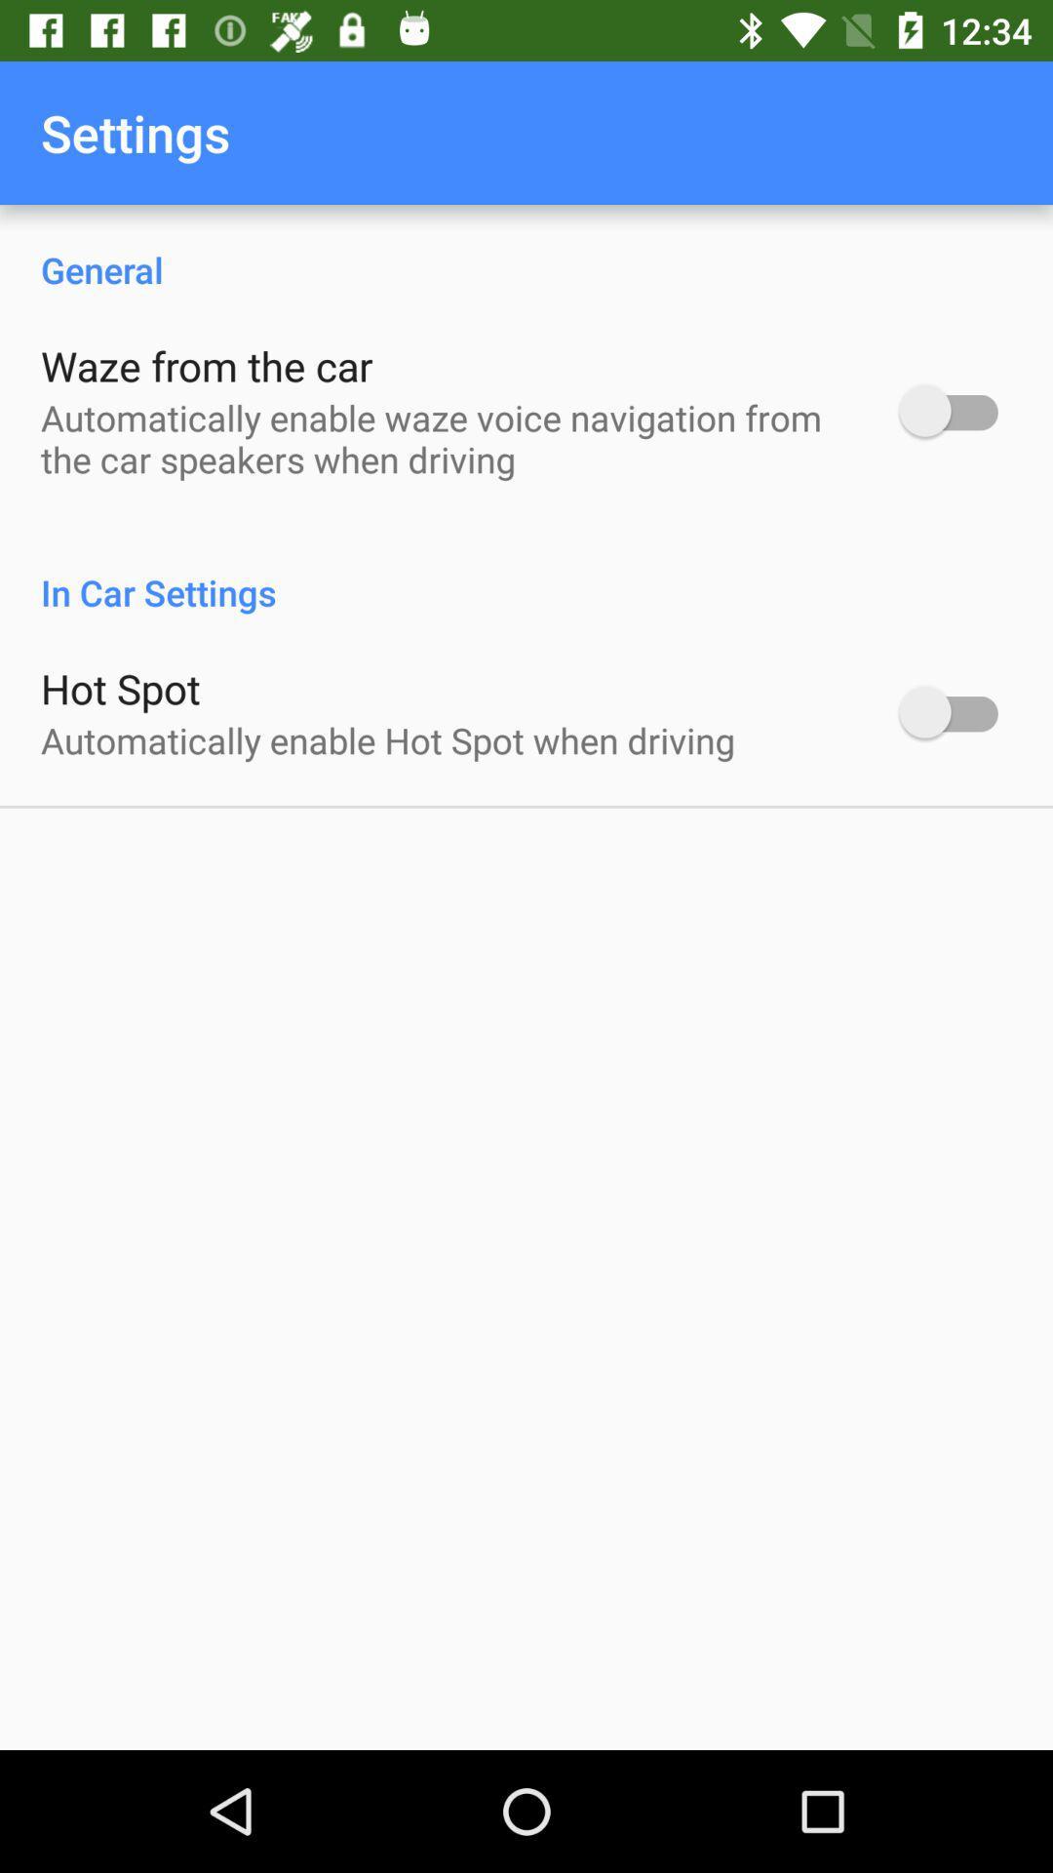 Image resolution: width=1053 pixels, height=1873 pixels. Describe the element at coordinates (526, 248) in the screenshot. I see `item above waze from the` at that location.